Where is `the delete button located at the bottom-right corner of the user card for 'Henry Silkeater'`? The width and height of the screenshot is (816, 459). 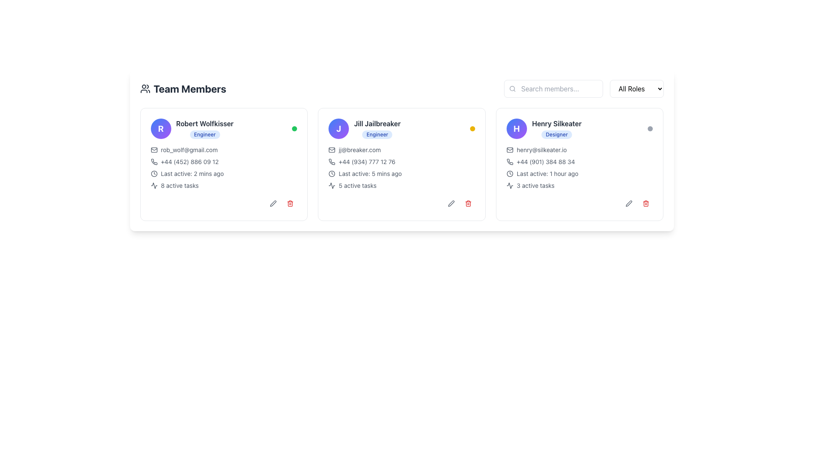
the delete button located at the bottom-right corner of the user card for 'Henry Silkeater' is located at coordinates (646, 203).